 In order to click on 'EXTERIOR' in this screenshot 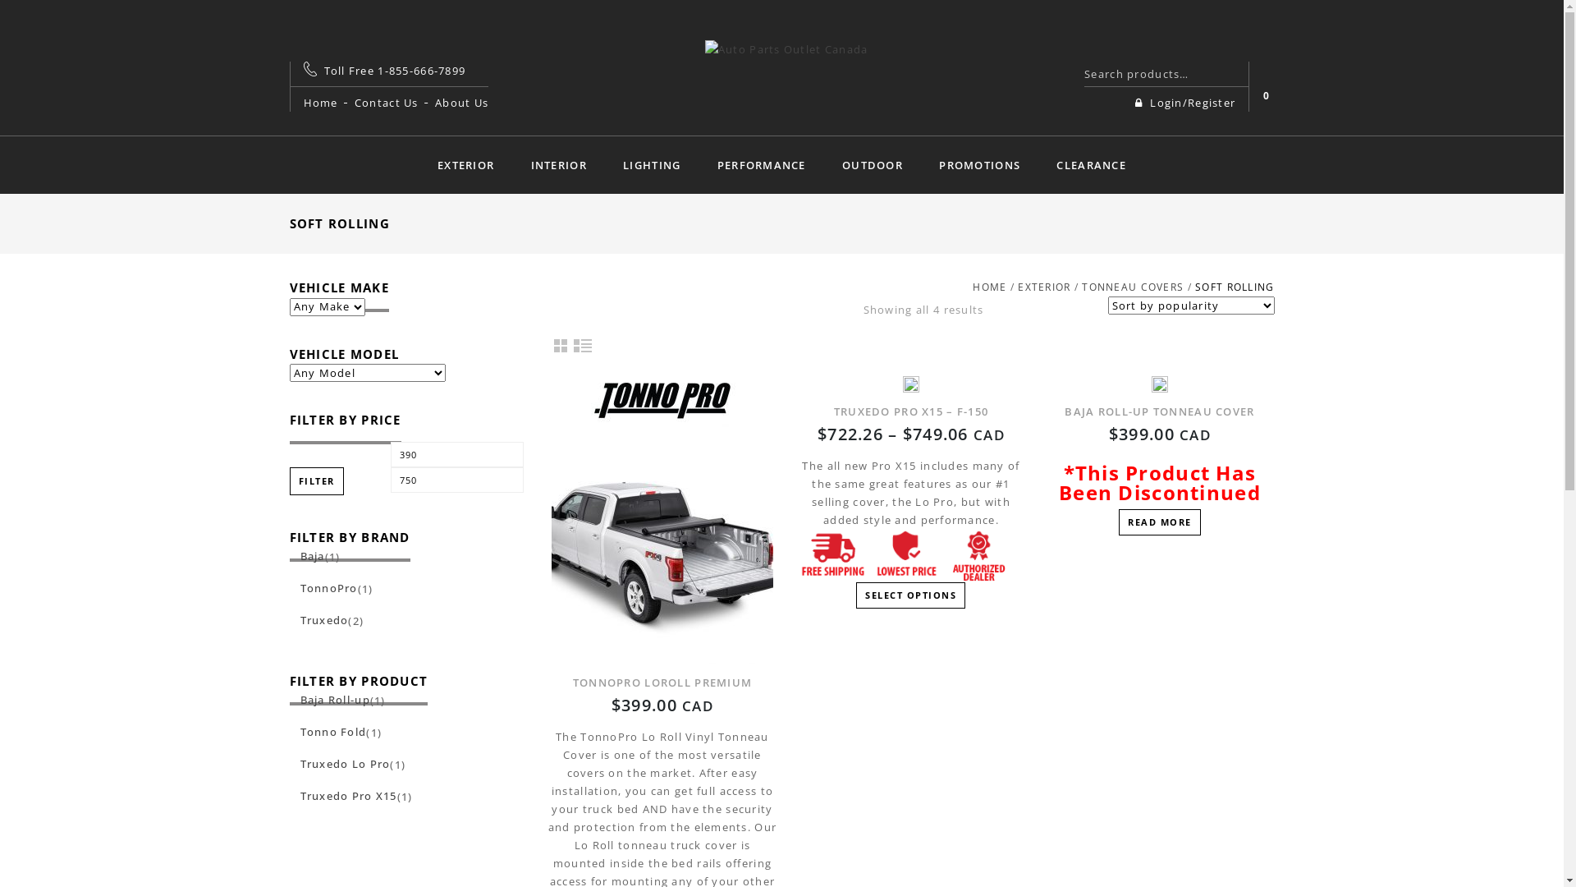, I will do `click(465, 164)`.